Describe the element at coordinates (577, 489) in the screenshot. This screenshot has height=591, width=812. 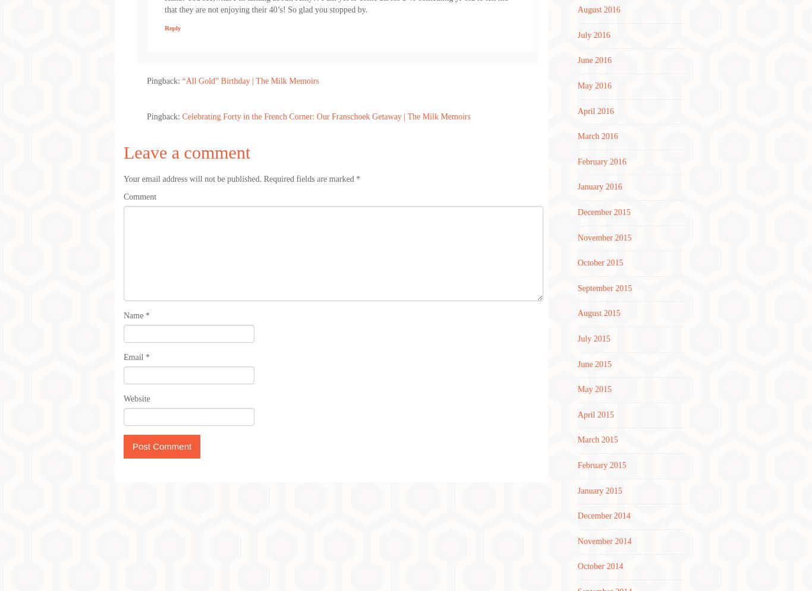
I see `'January 2015'` at that location.